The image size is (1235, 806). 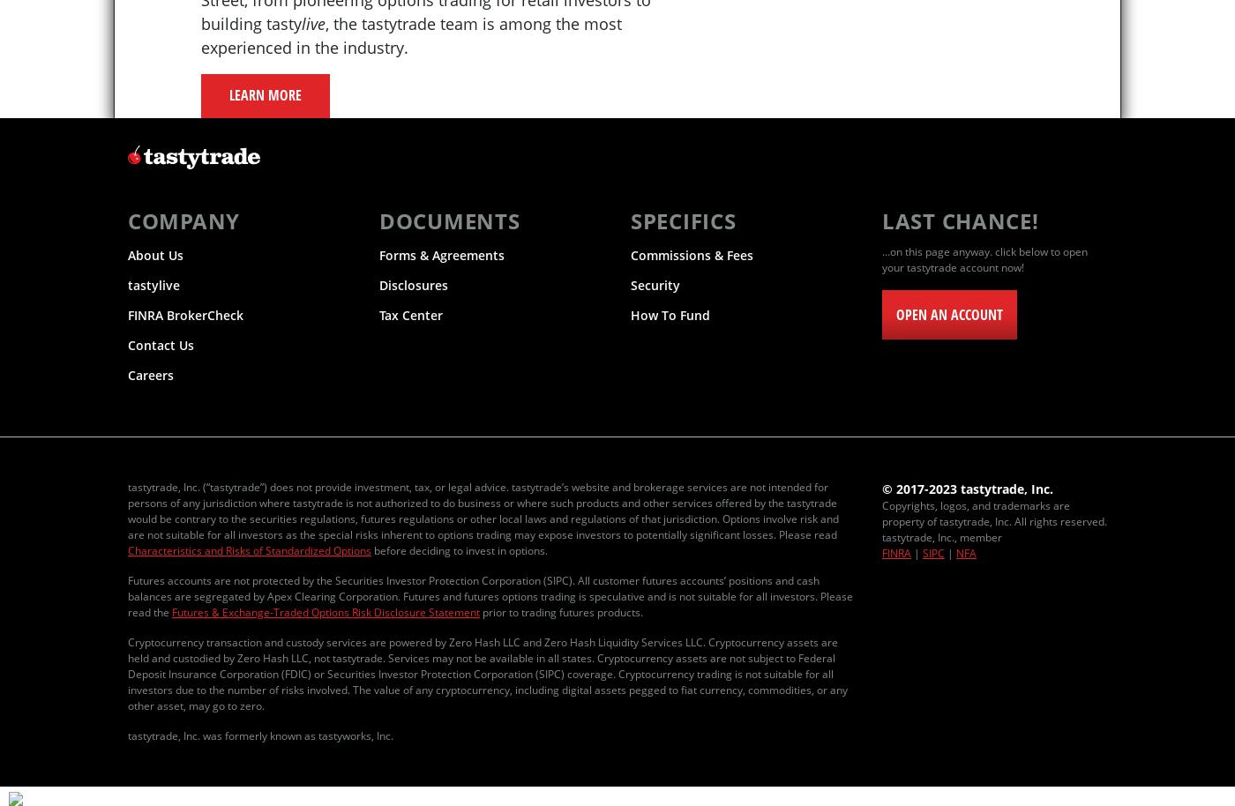 What do you see at coordinates (960, 220) in the screenshot?
I see `'Last Chance!'` at bounding box center [960, 220].